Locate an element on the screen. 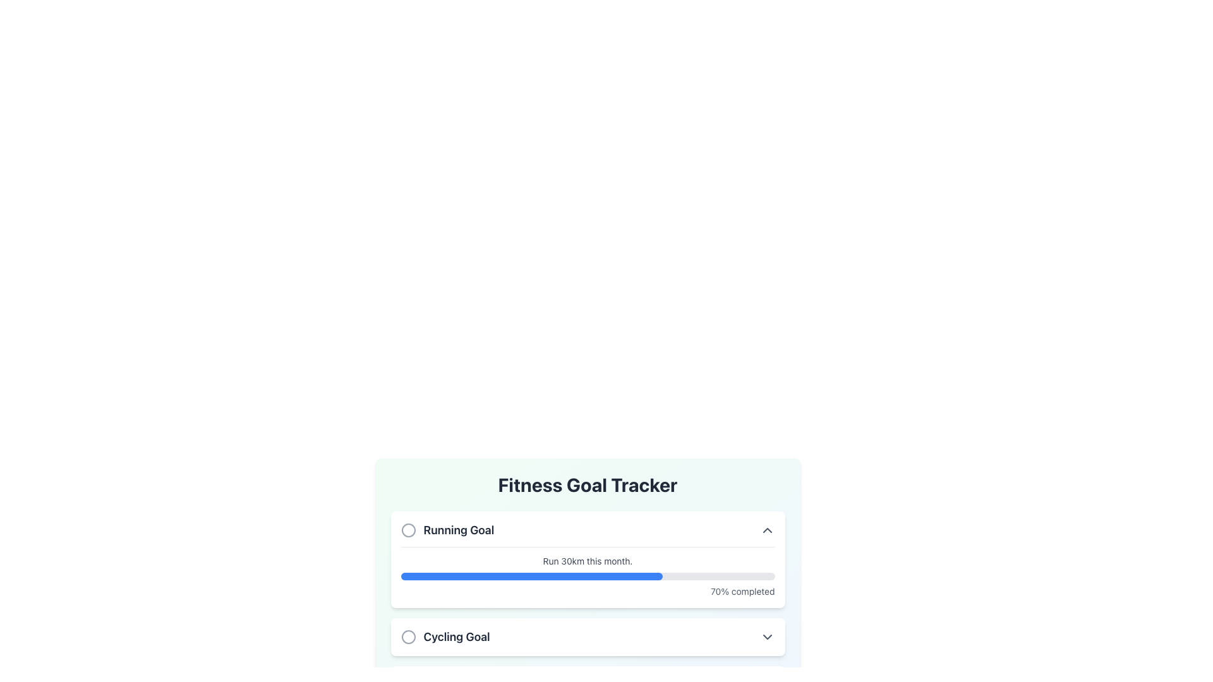 The image size is (1213, 682). the circular icon next to the 'Cycling Goal' label is located at coordinates (445, 637).